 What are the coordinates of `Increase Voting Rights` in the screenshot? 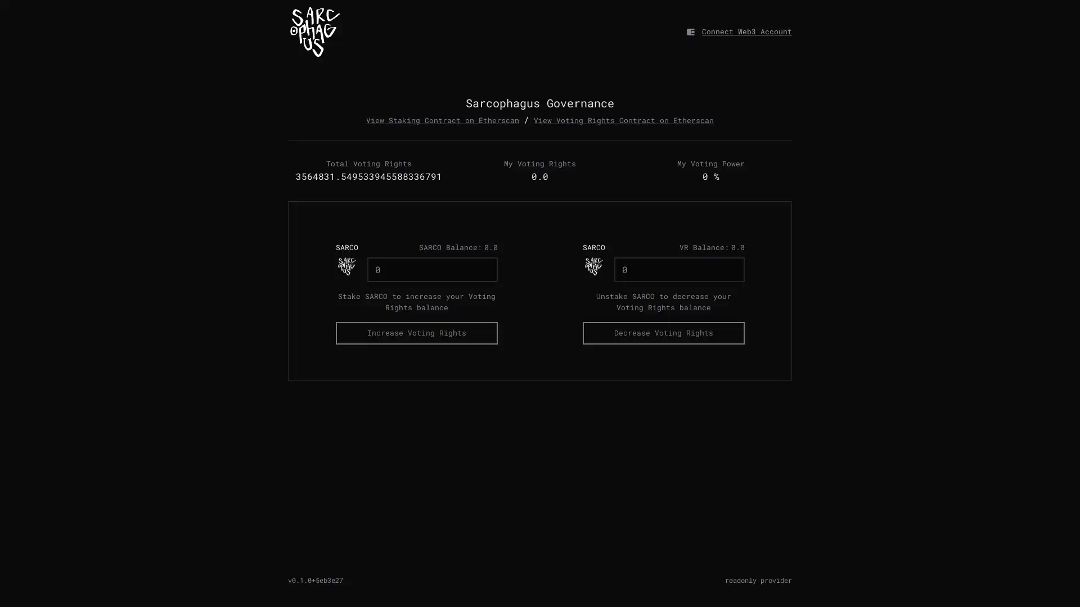 It's located at (415, 332).